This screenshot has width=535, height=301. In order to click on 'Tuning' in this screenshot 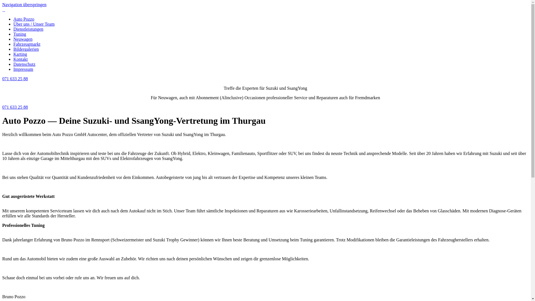, I will do `click(20, 34)`.